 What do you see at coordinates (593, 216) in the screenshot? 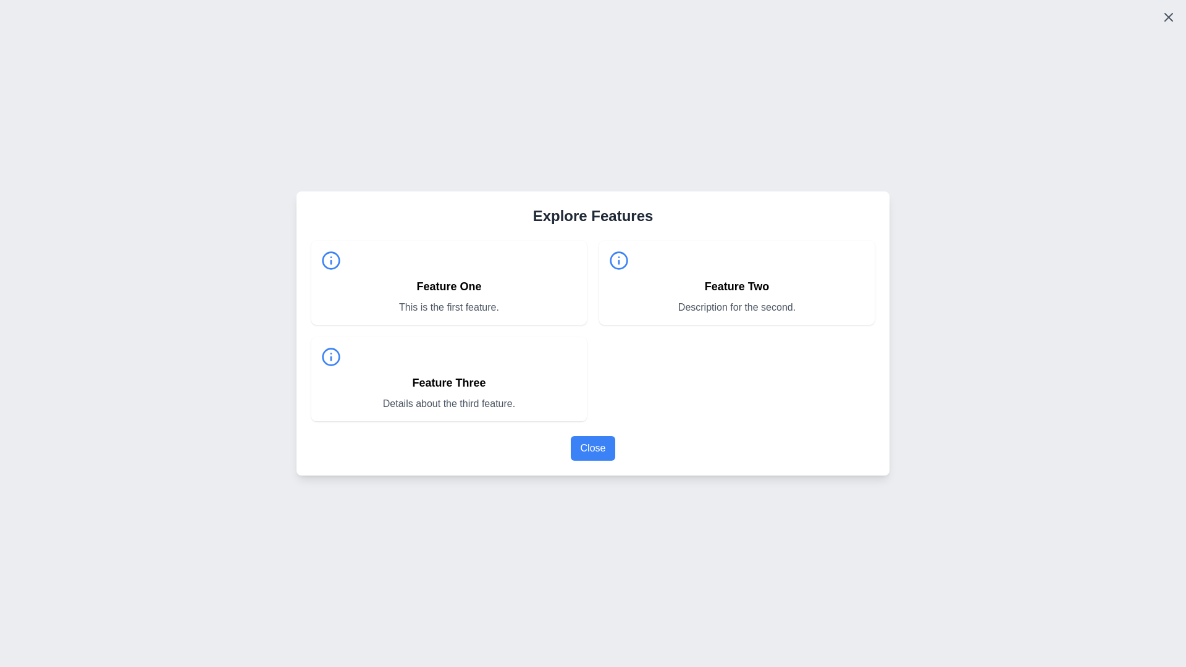
I see `the Header text element, which serves as the title for the dialog box, indicating the intent of exploring specific features` at bounding box center [593, 216].